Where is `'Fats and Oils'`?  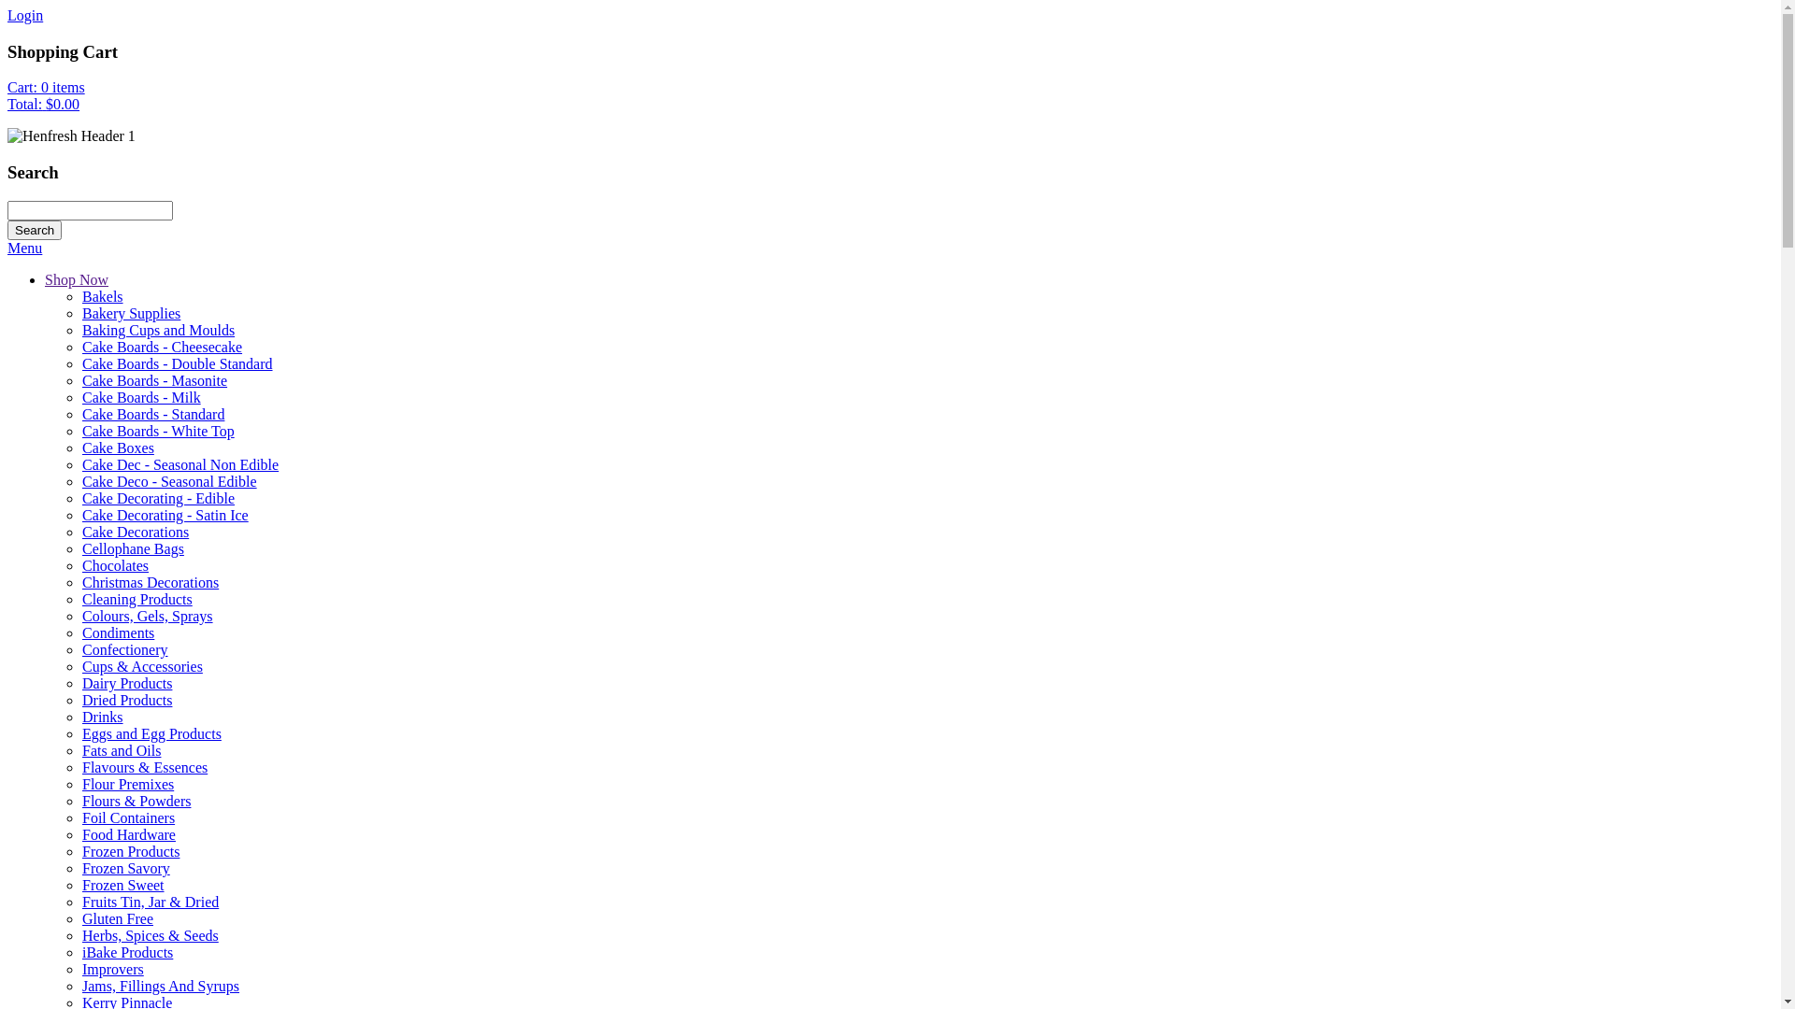 'Fats and Oils' is located at coordinates (80, 749).